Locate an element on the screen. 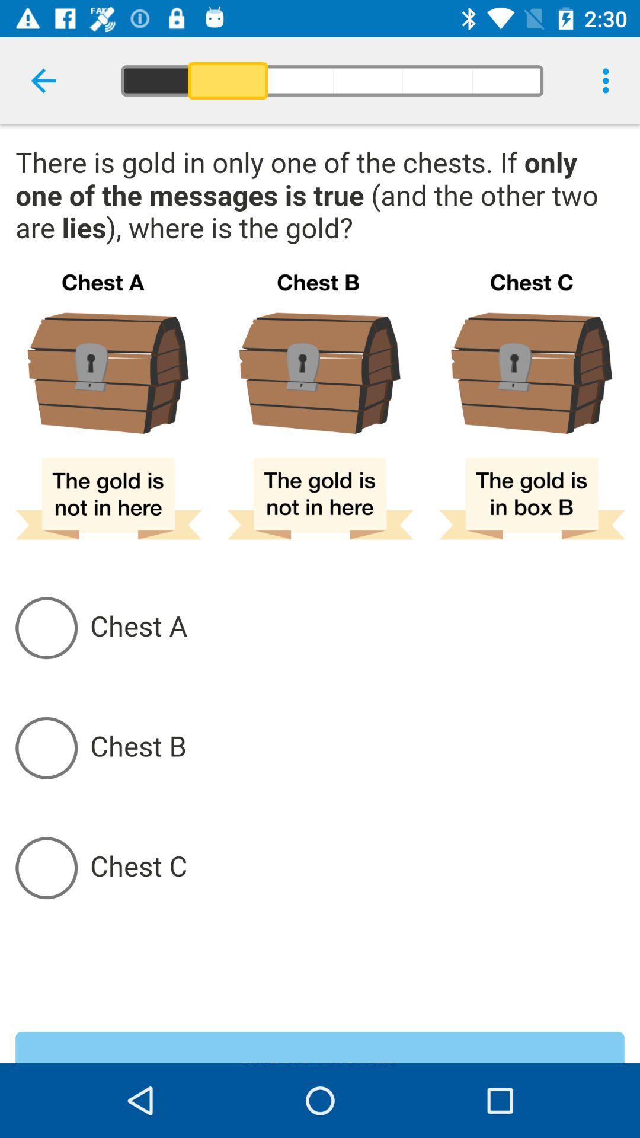 The width and height of the screenshot is (640, 1138). chest b is located at coordinates (356, 747).